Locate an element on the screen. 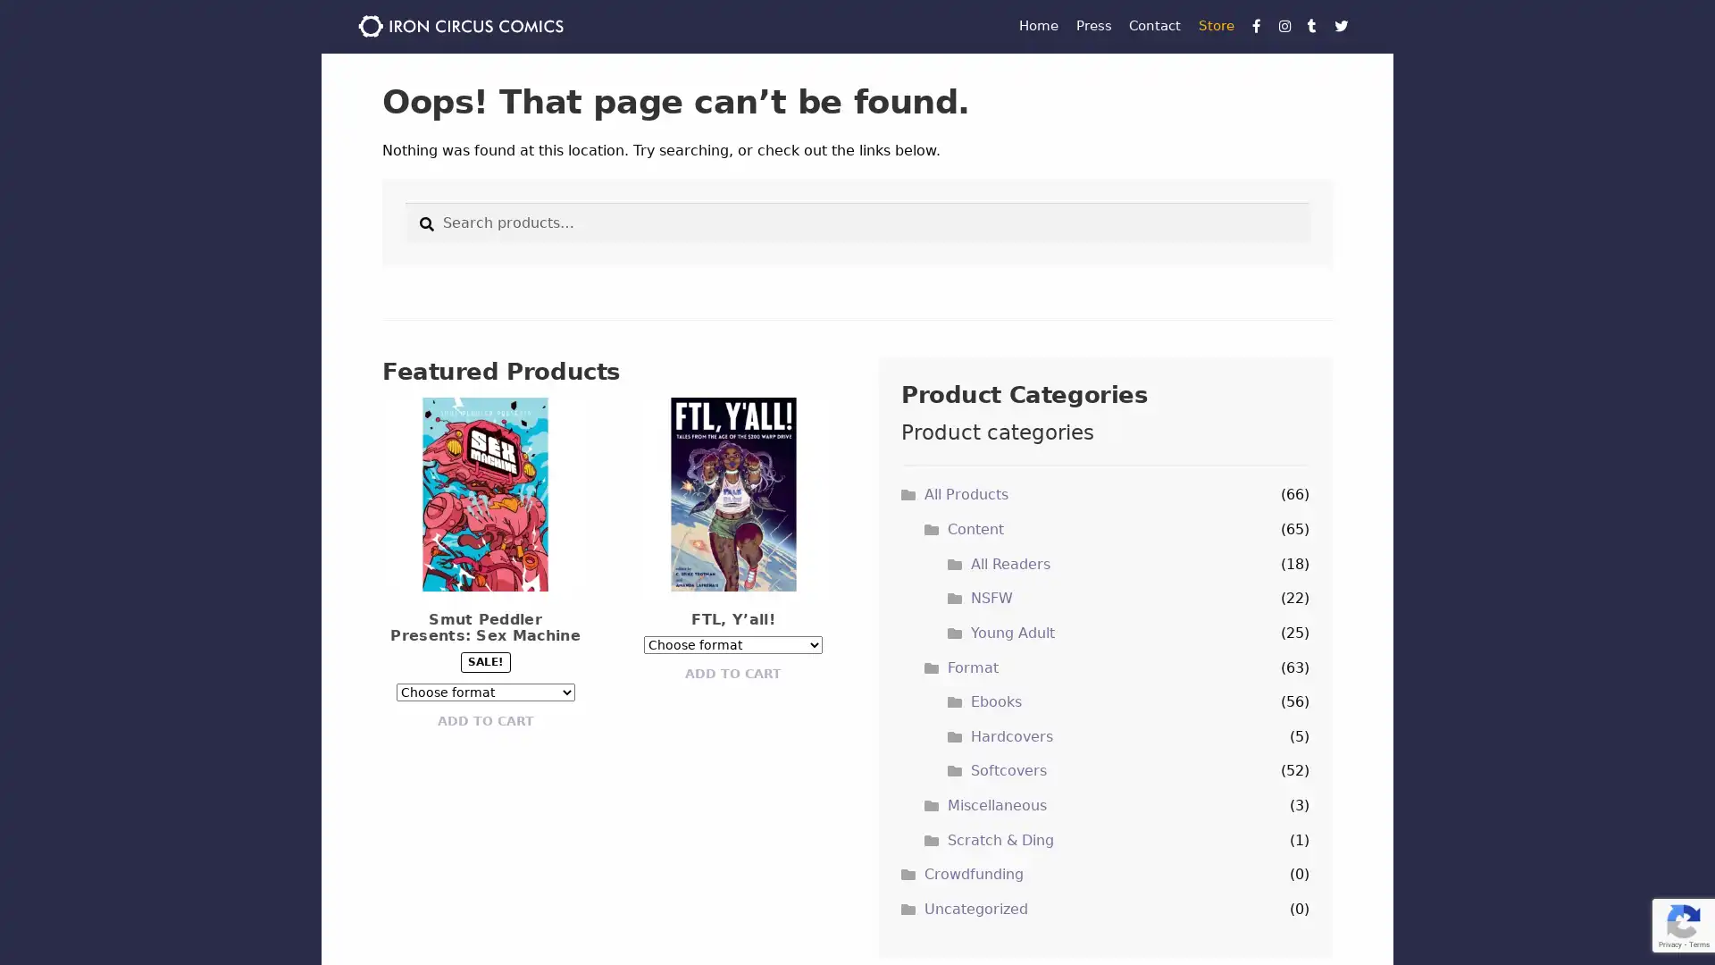  Search is located at coordinates (403, 201).